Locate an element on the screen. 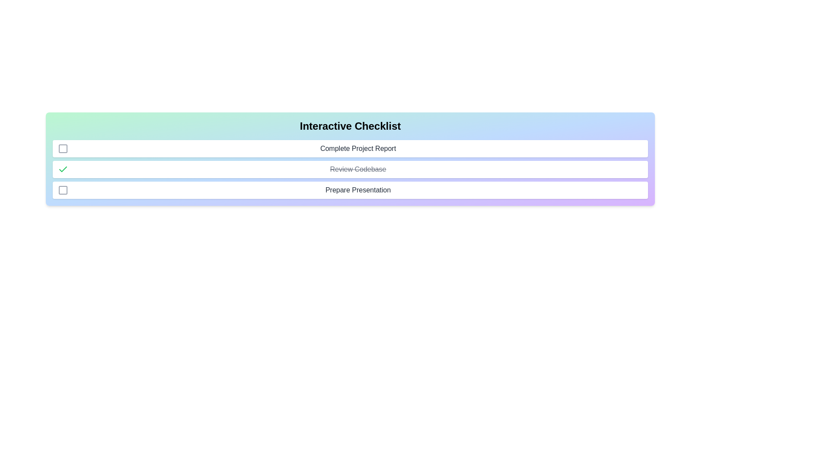  the label of the task Prepare Presentation to focus or interact with it is located at coordinates (358, 189).